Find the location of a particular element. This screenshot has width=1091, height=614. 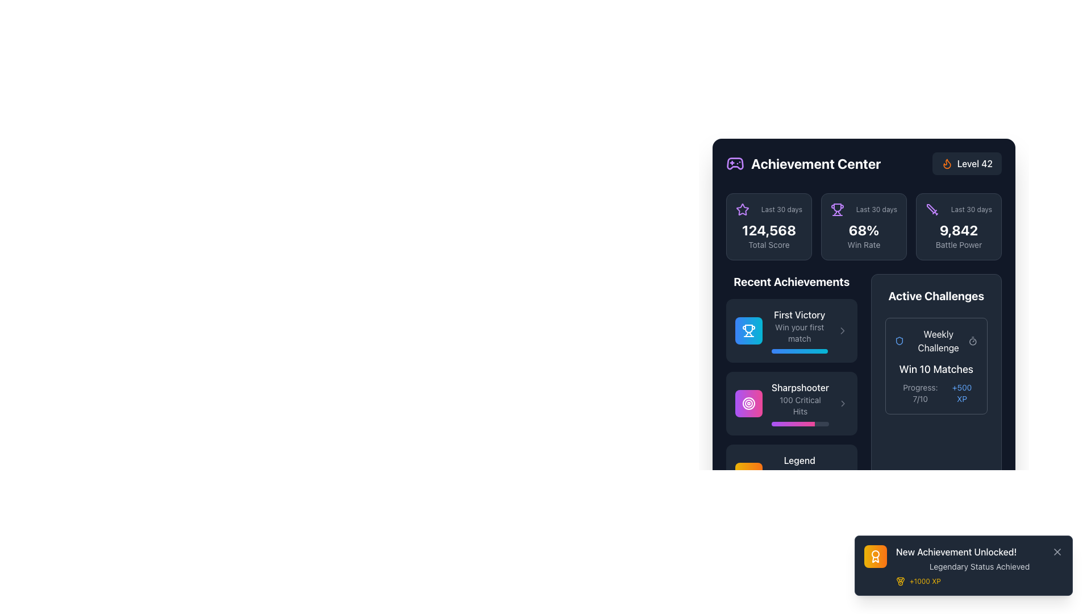

the bold, white text label that reads 'Recent Achievements', which is prominently displayed at the top of its section is located at coordinates (791, 281).